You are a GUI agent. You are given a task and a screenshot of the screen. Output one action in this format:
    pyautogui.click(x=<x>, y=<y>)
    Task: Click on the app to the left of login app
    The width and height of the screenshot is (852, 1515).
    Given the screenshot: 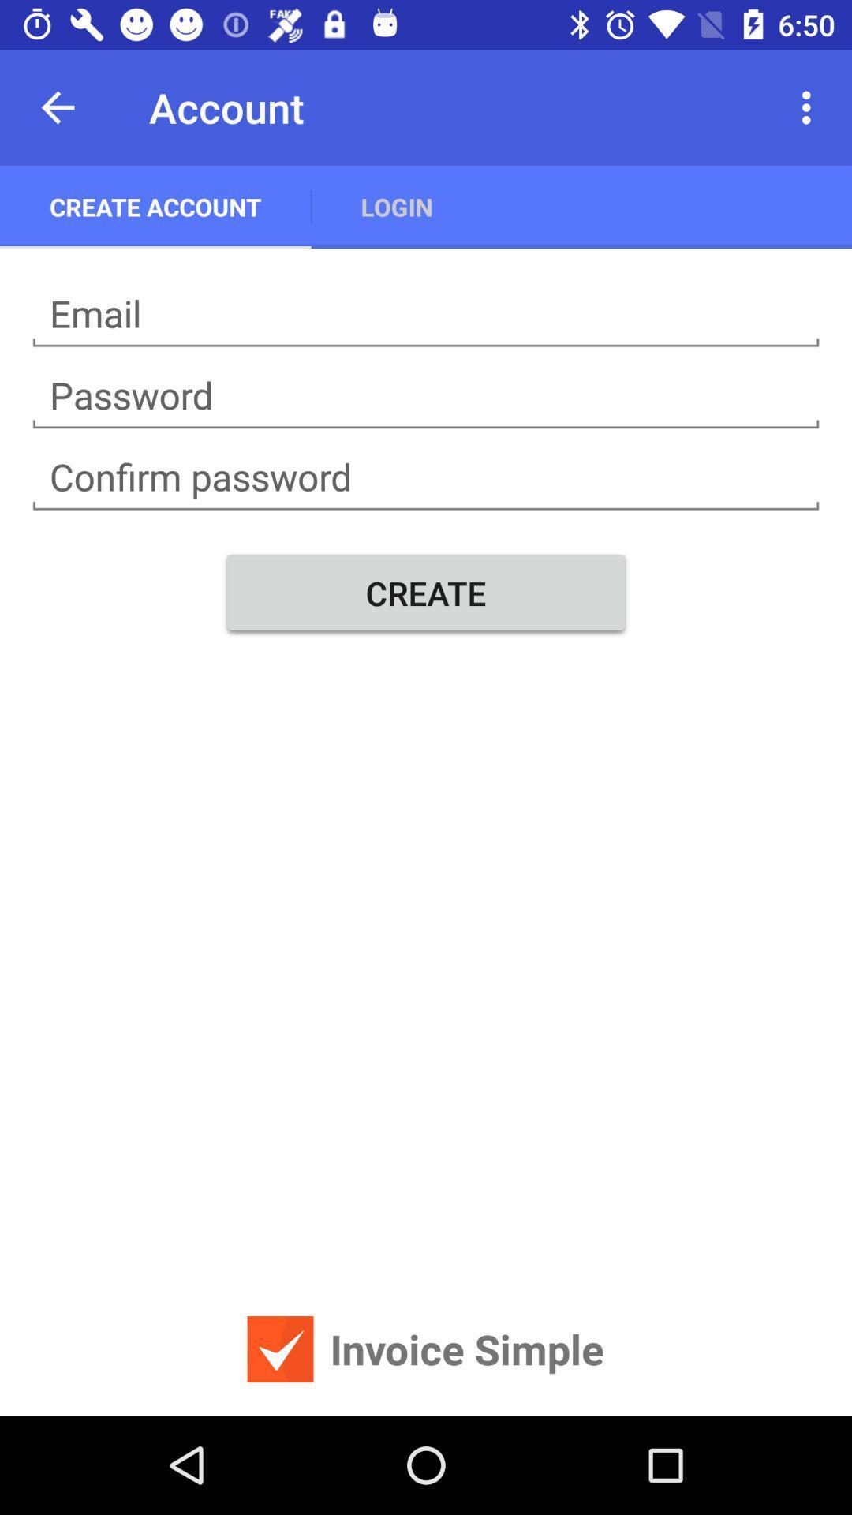 What is the action you would take?
    pyautogui.click(x=155, y=206)
    